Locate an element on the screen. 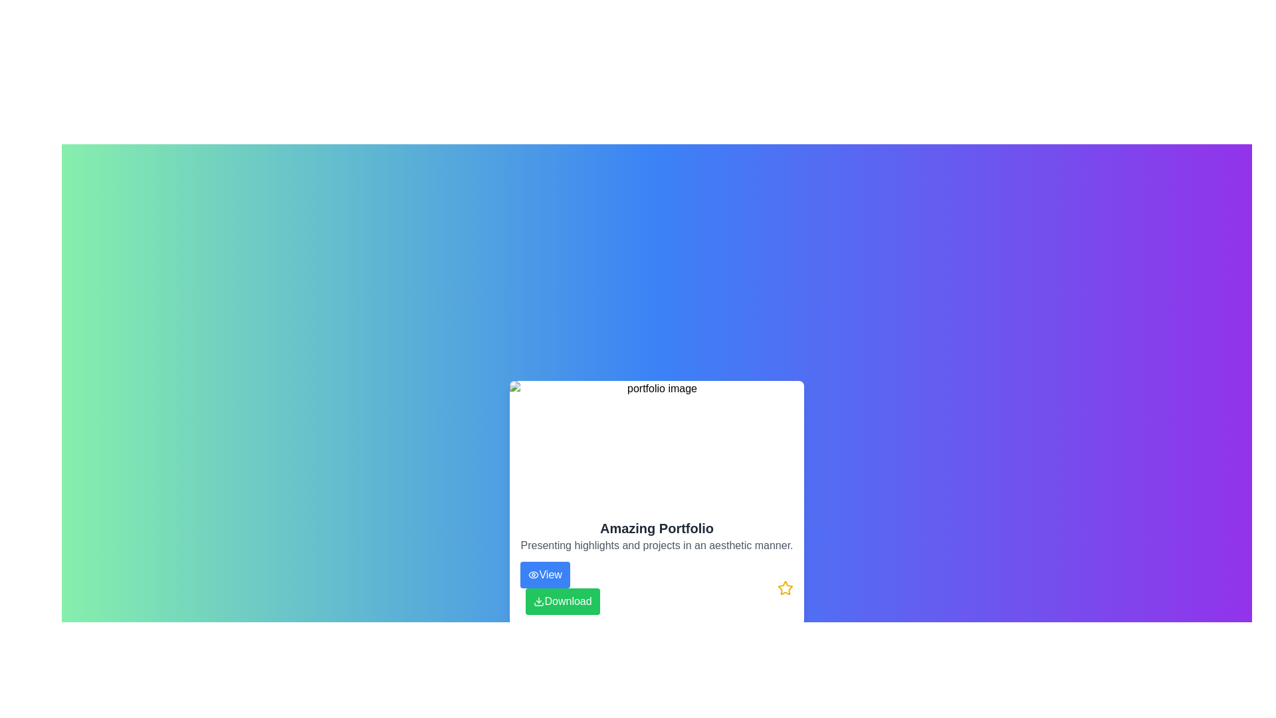  the green 'Download' button with white text and a download icon to initiate a download is located at coordinates (563, 602).